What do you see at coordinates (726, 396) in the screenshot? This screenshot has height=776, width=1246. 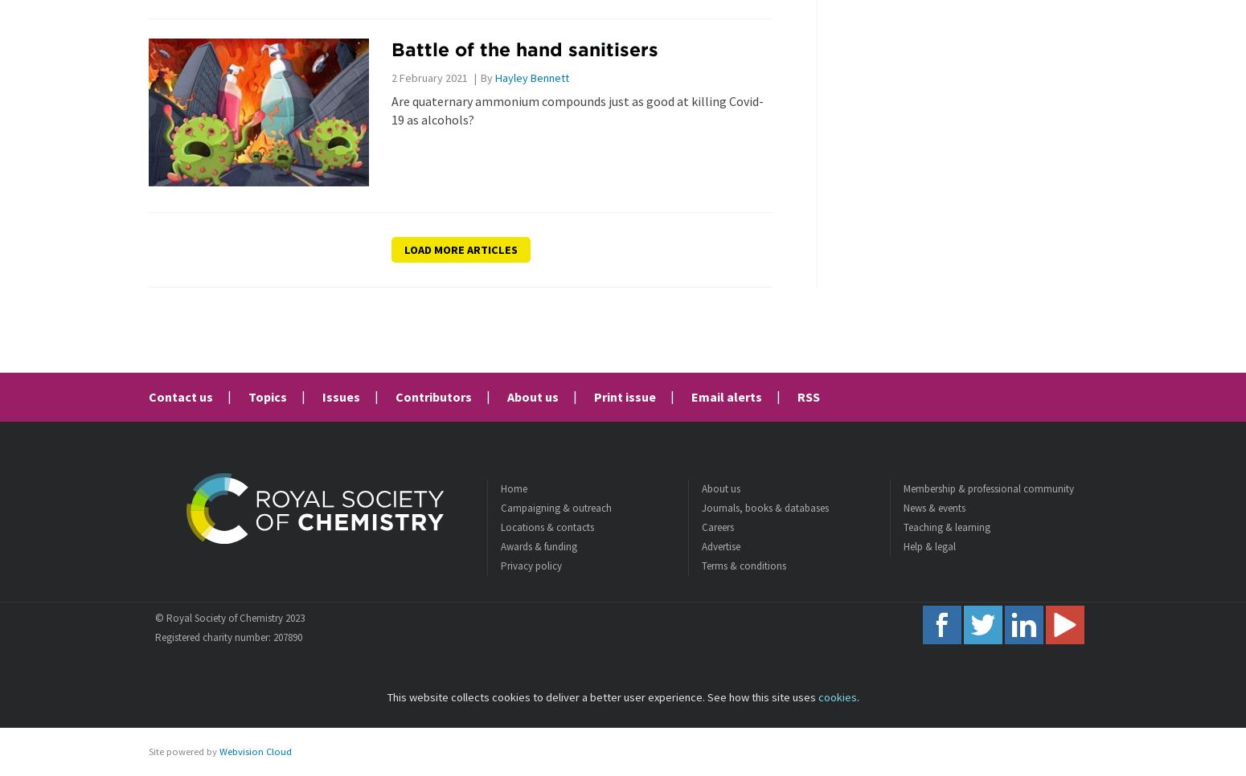 I see `'Email alerts'` at bounding box center [726, 396].